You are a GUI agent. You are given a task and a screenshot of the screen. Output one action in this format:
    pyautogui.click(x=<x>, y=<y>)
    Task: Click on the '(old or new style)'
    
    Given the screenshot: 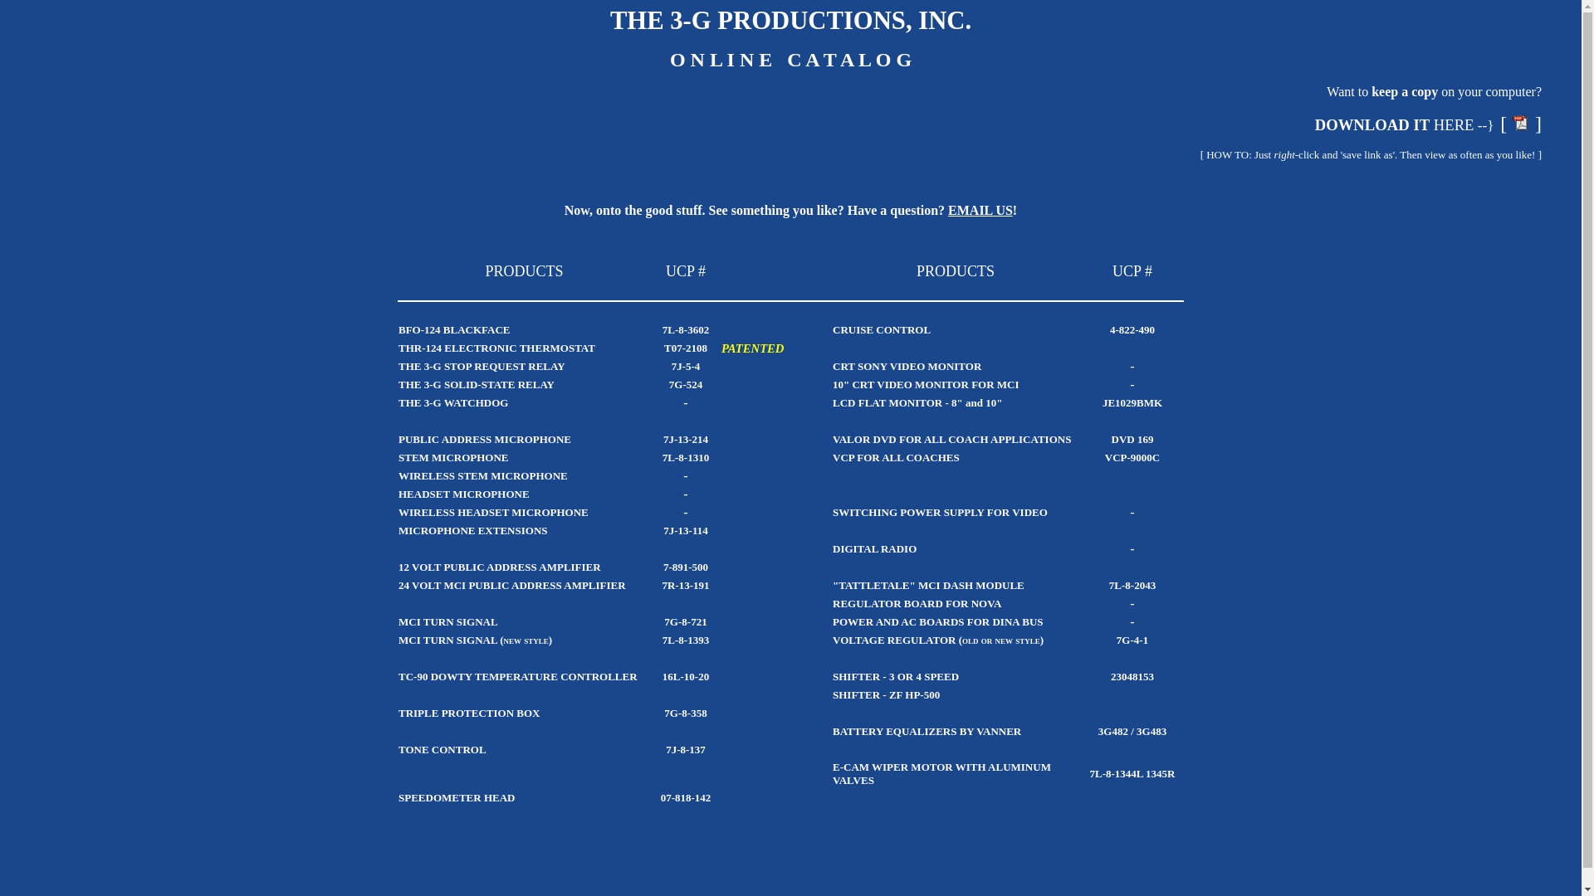 What is the action you would take?
    pyautogui.click(x=959, y=638)
    